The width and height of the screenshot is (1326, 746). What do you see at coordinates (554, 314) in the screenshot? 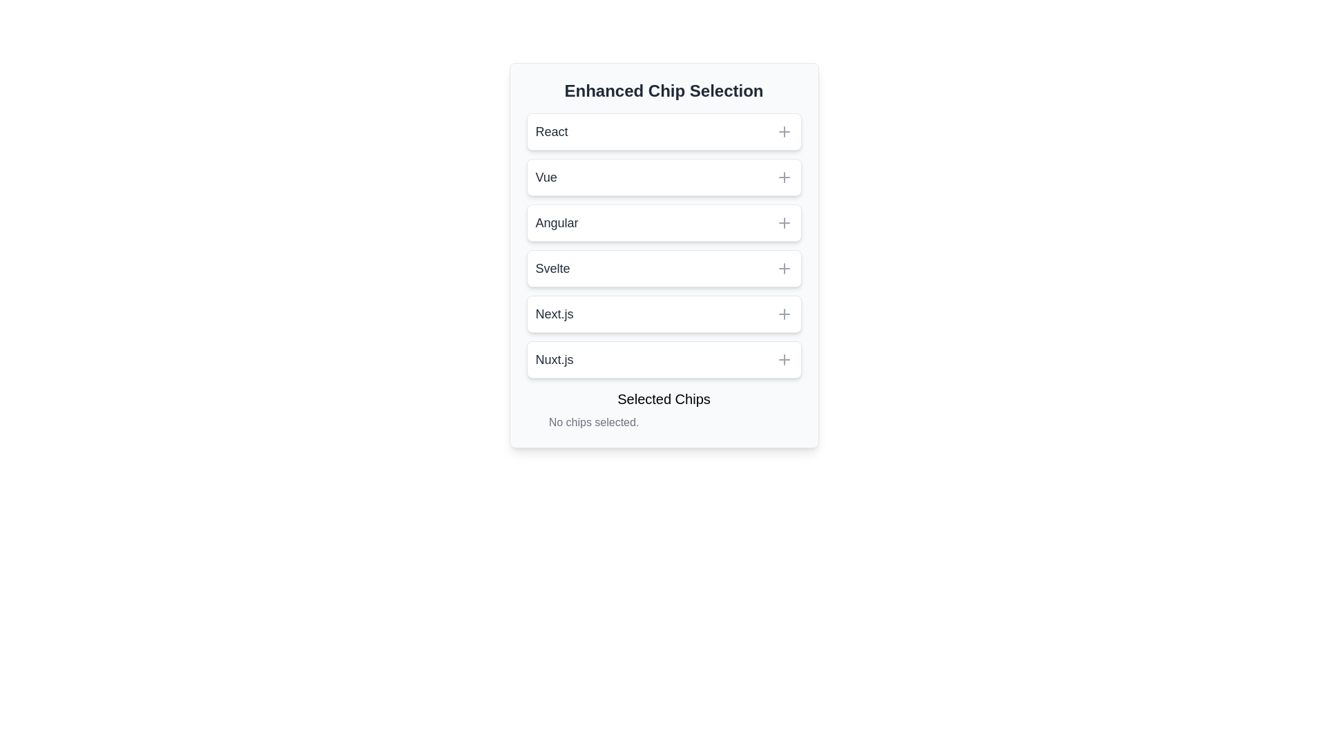
I see `text label displaying 'Next.js' which is a bold, black font styled as a title, located at the center-left of its containing box` at bounding box center [554, 314].